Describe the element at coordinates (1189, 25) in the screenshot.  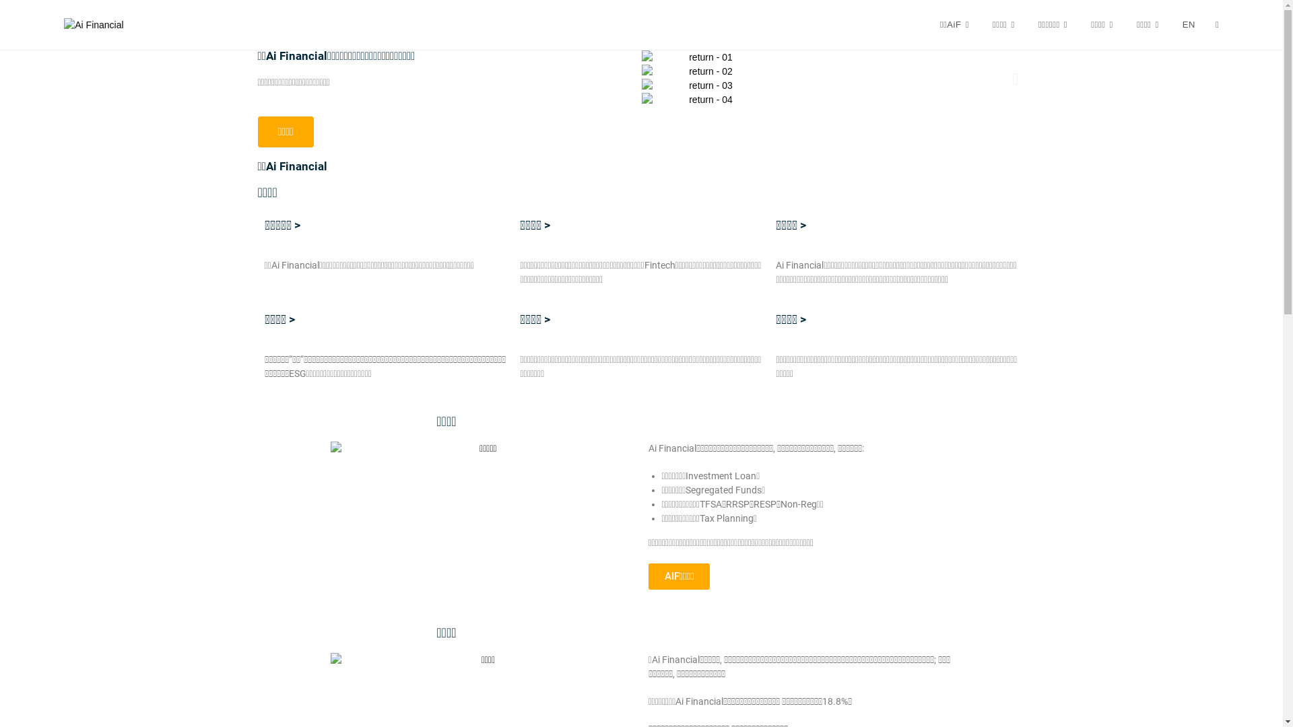
I see `'EN'` at that location.